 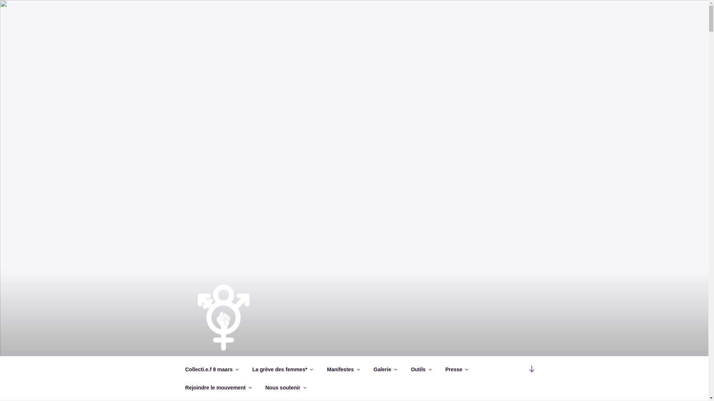 What do you see at coordinates (178, 387) in the screenshot?
I see `'Rejoindre le mouvement'` at bounding box center [178, 387].